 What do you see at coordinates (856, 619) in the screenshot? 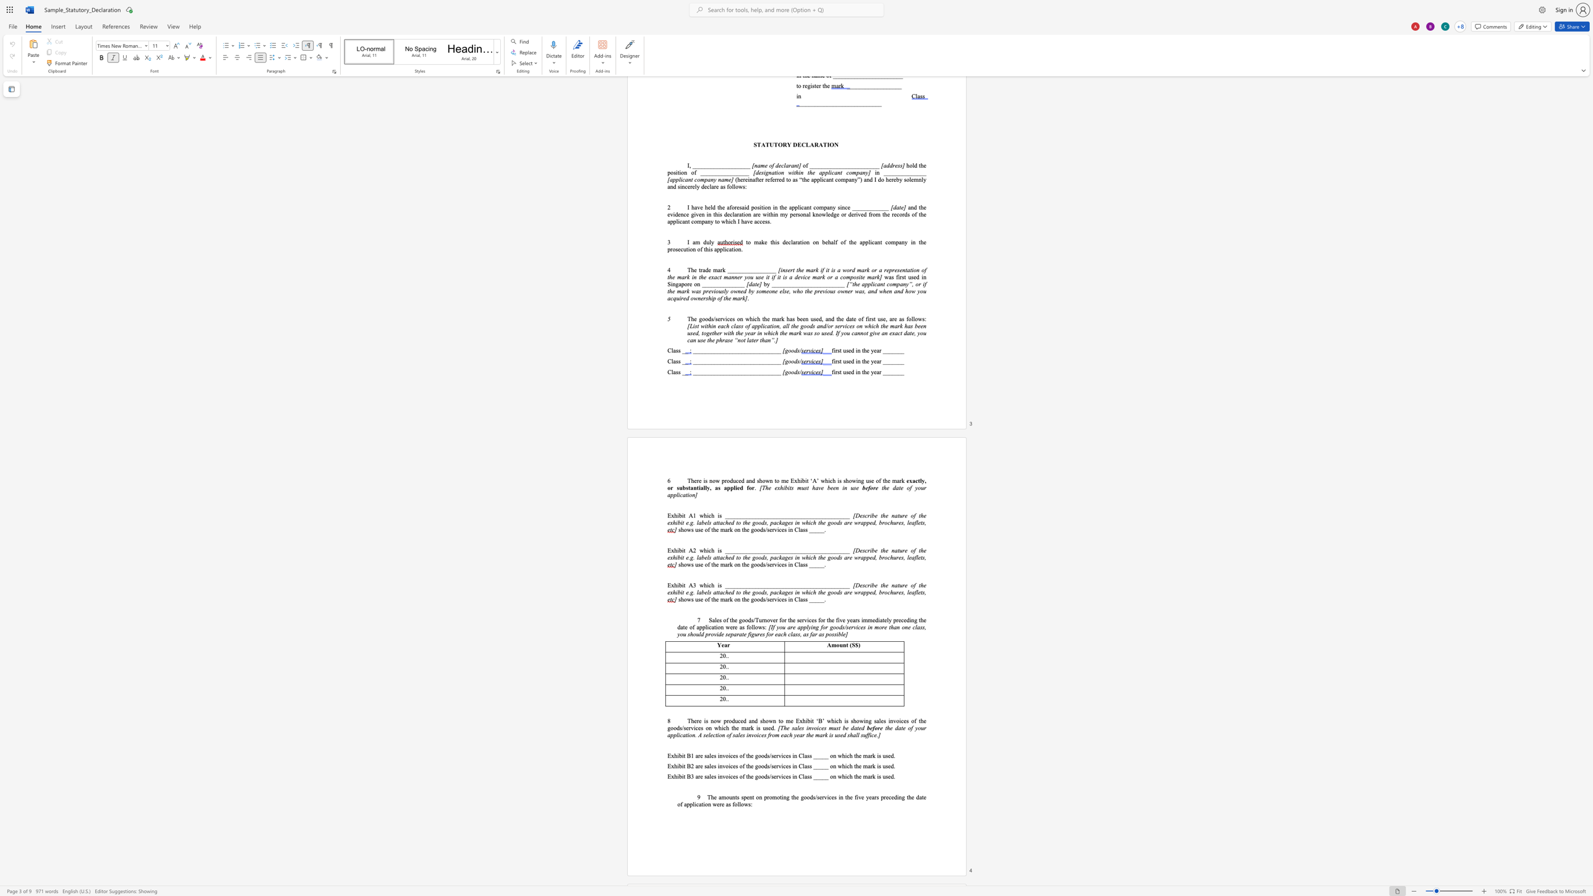
I see `the space between the continuous character "r" and "s" in the text` at bounding box center [856, 619].